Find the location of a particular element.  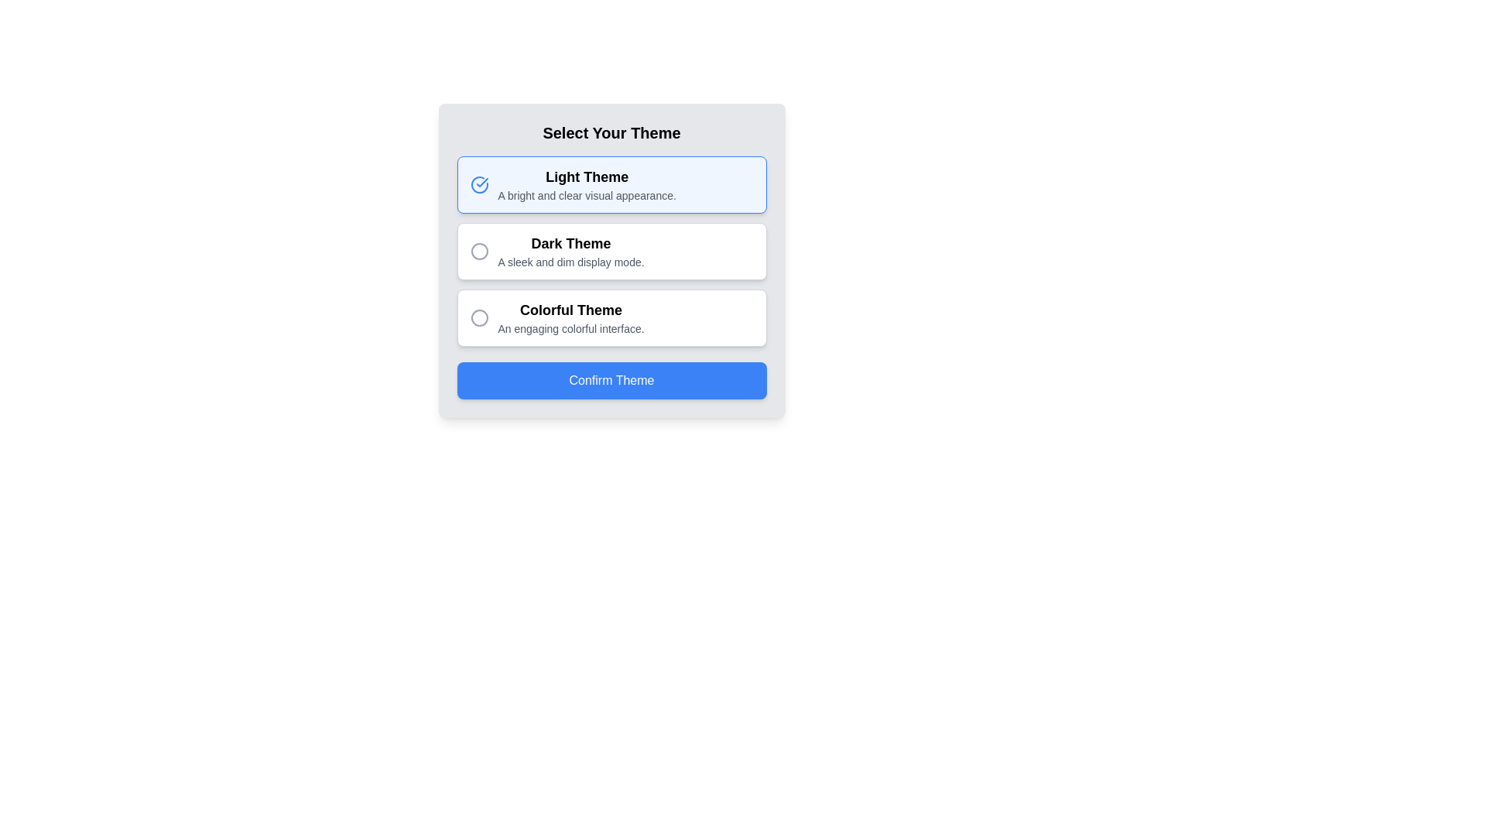

the confirmation button located at the bottom of the light gray dialog box to finalize the theme selection is located at coordinates (611, 381).